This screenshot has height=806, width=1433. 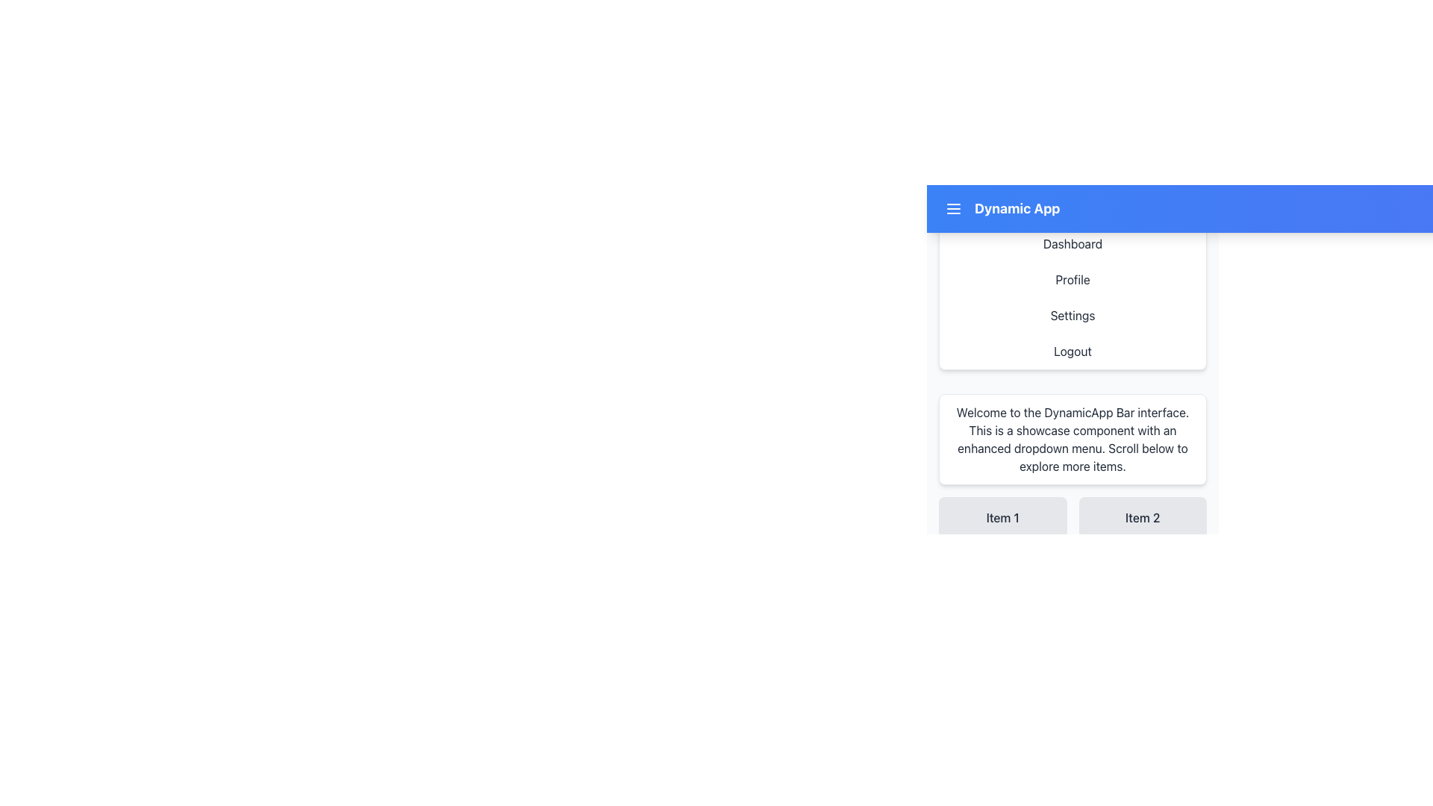 What do you see at coordinates (1072, 243) in the screenshot?
I see `the 'Dashboard' menu option, which is the topmost item in a dropdown menu located beneath the blue 'Dynamic App' navigation bar` at bounding box center [1072, 243].